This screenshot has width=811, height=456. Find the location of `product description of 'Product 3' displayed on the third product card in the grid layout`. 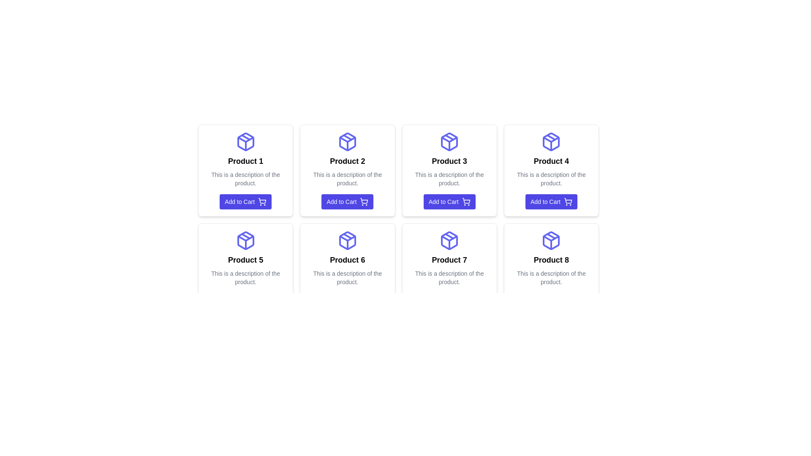

product description of 'Product 3' displayed on the third product card in the grid layout is located at coordinates (449, 171).